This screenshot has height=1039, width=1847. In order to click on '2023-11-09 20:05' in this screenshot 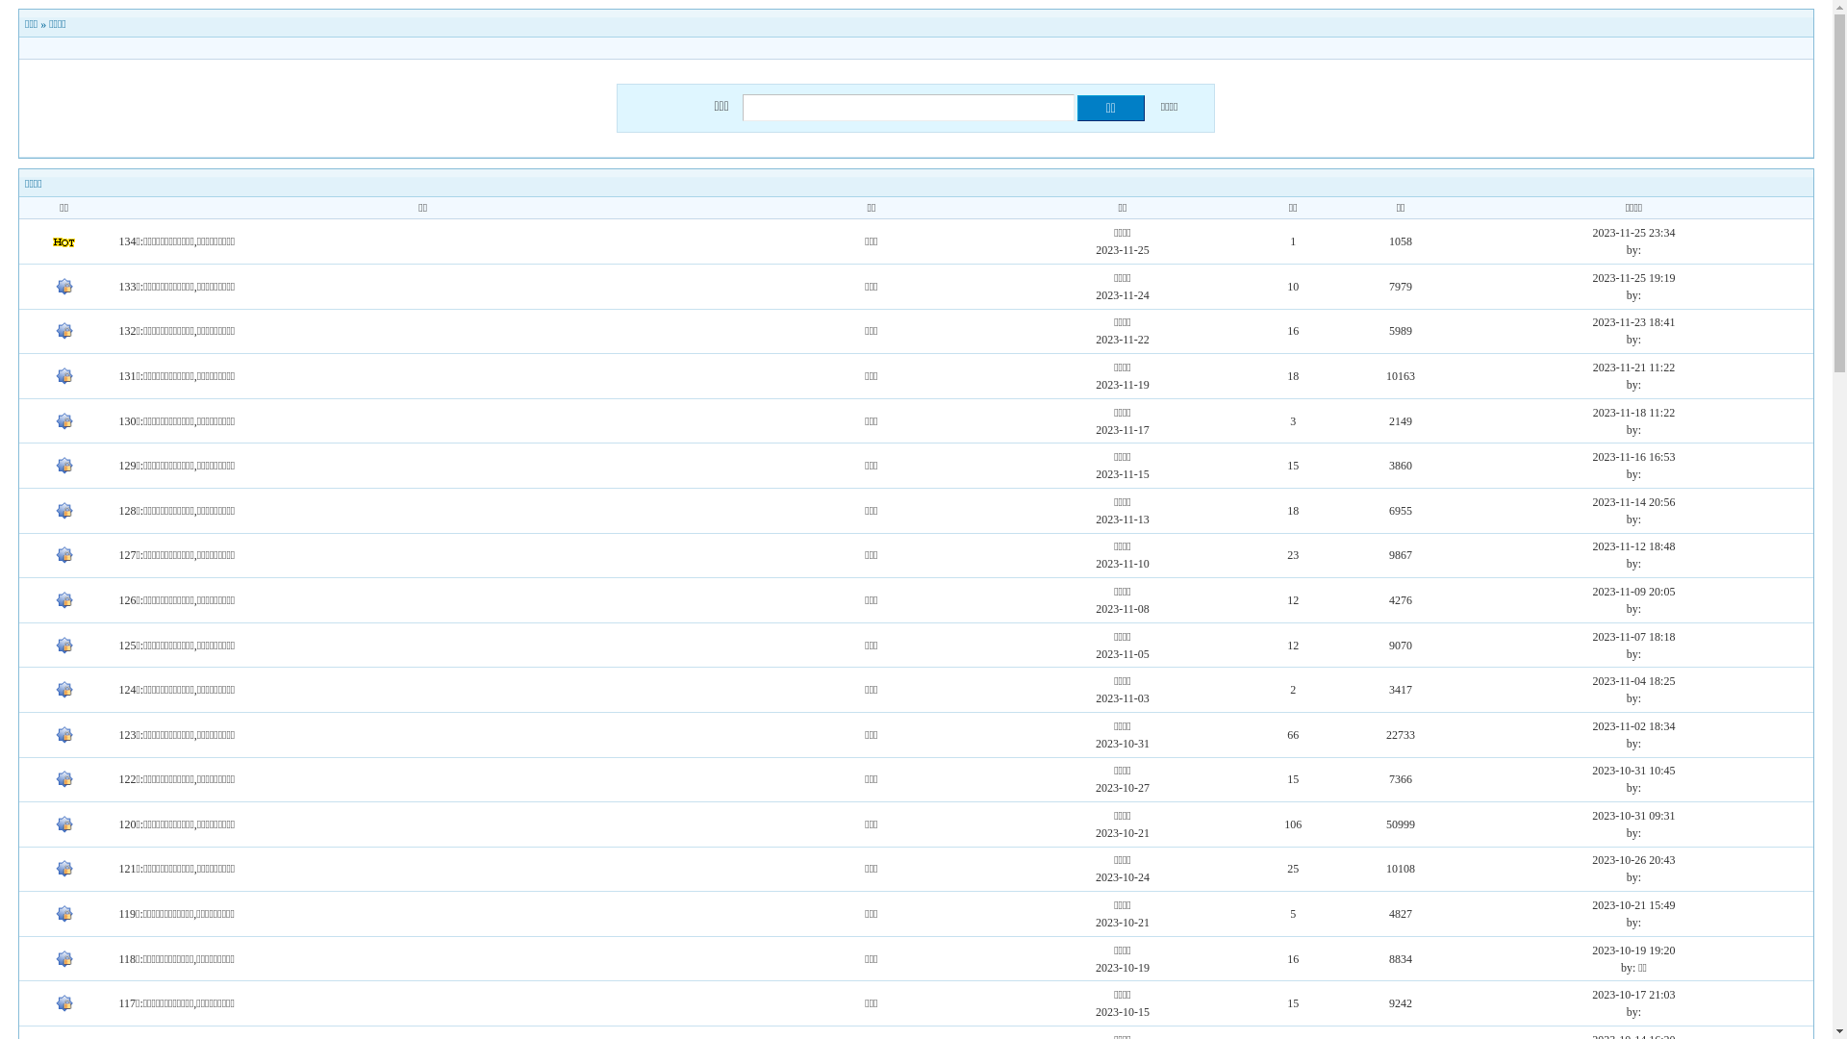, I will do `click(1593, 590)`.